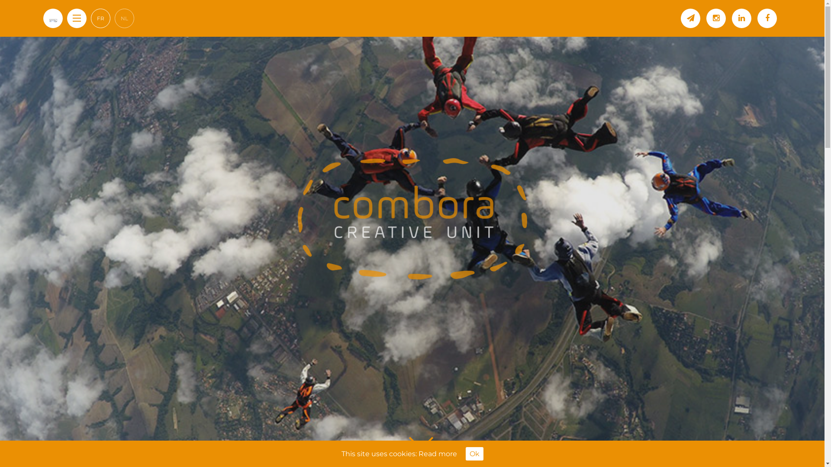 This screenshot has width=831, height=467. What do you see at coordinates (100, 18) in the screenshot?
I see `'FR'` at bounding box center [100, 18].